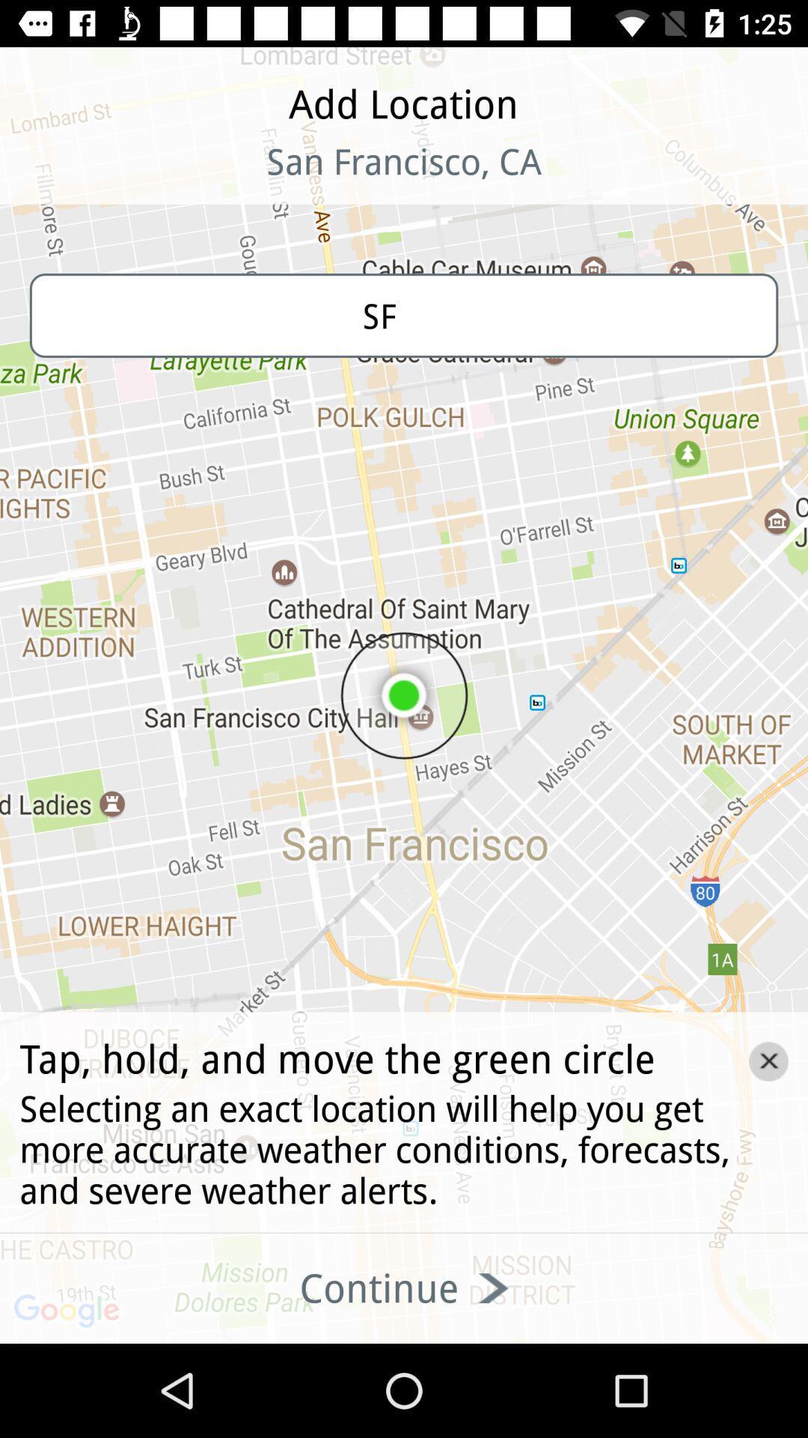  What do you see at coordinates (98, 180) in the screenshot?
I see `the icon to the left of san francisco, ca icon` at bounding box center [98, 180].